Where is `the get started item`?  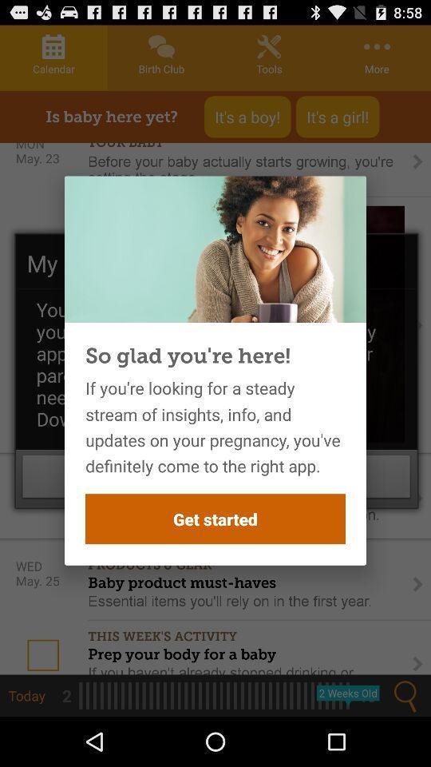
the get started item is located at coordinates (215, 518).